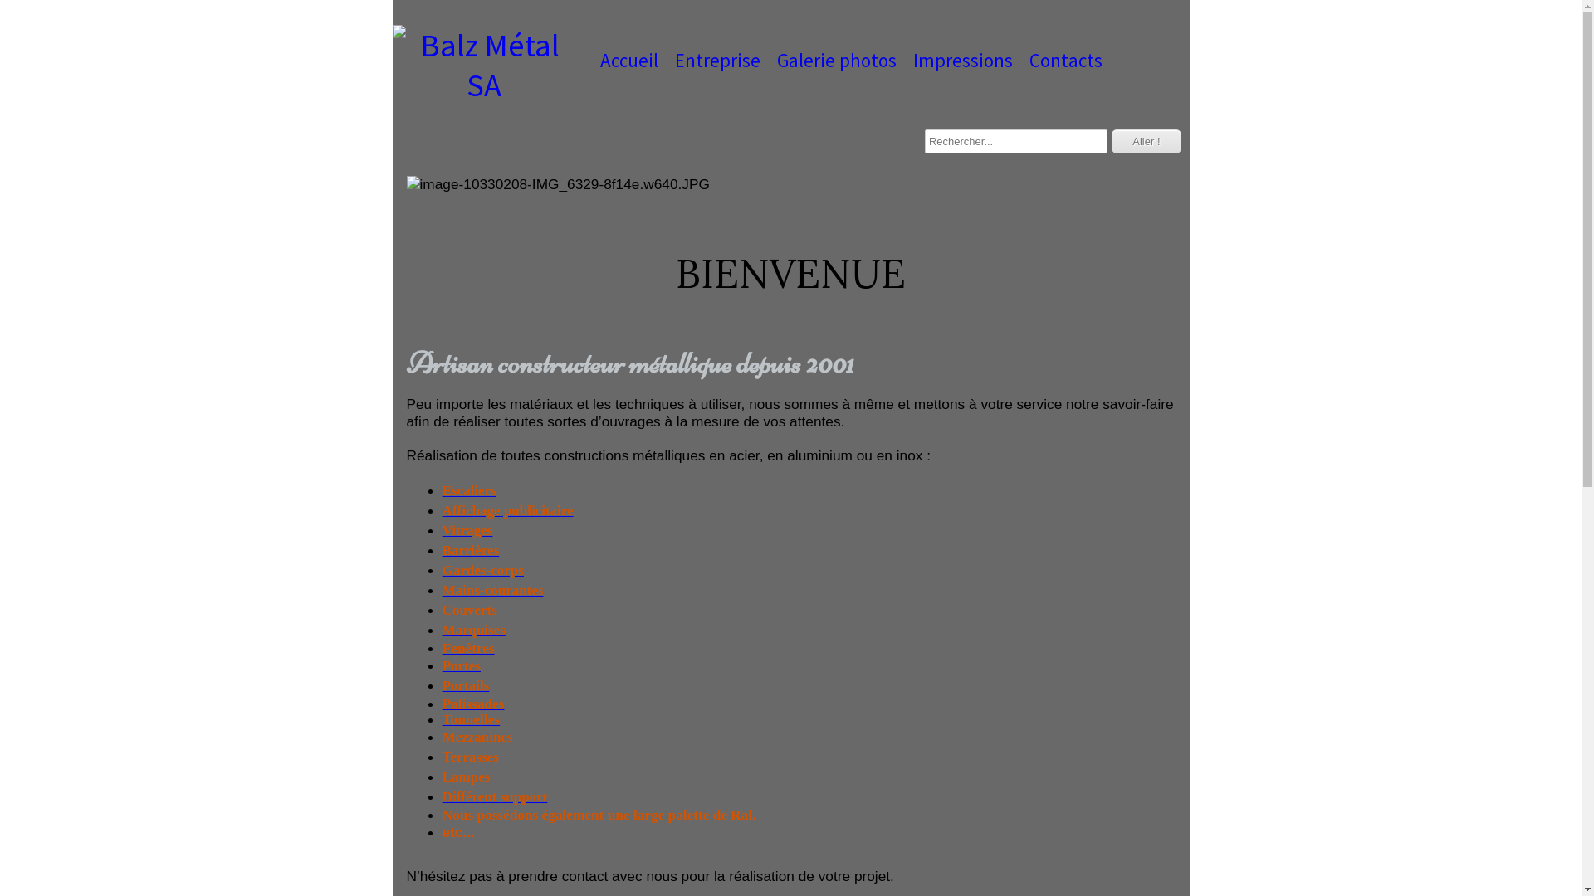 This screenshot has width=1594, height=896. What do you see at coordinates (468, 489) in the screenshot?
I see `'Escaliers'` at bounding box center [468, 489].